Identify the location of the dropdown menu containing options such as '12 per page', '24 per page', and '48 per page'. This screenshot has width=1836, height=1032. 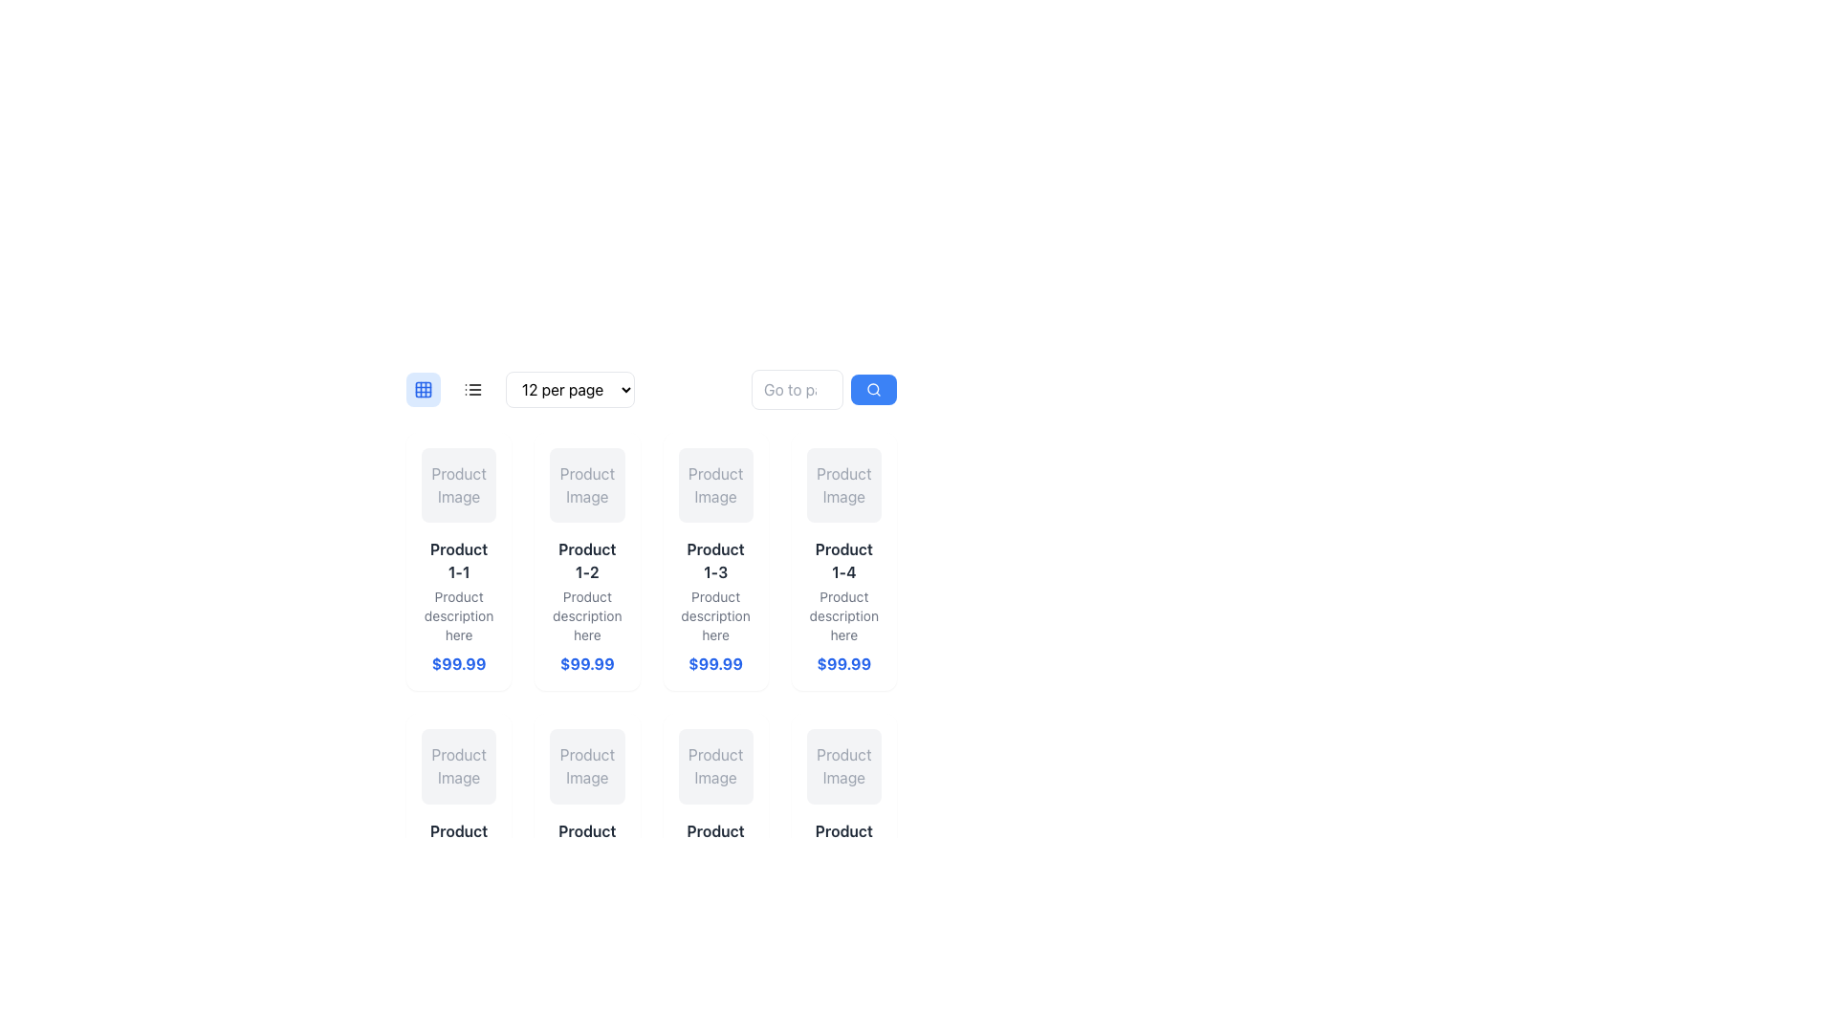
(520, 389).